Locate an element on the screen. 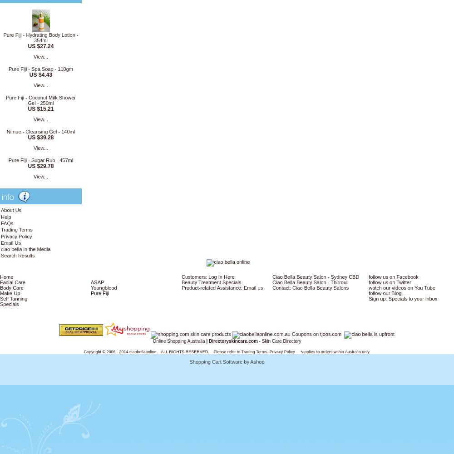  '$4.43' is located at coordinates (44, 75).